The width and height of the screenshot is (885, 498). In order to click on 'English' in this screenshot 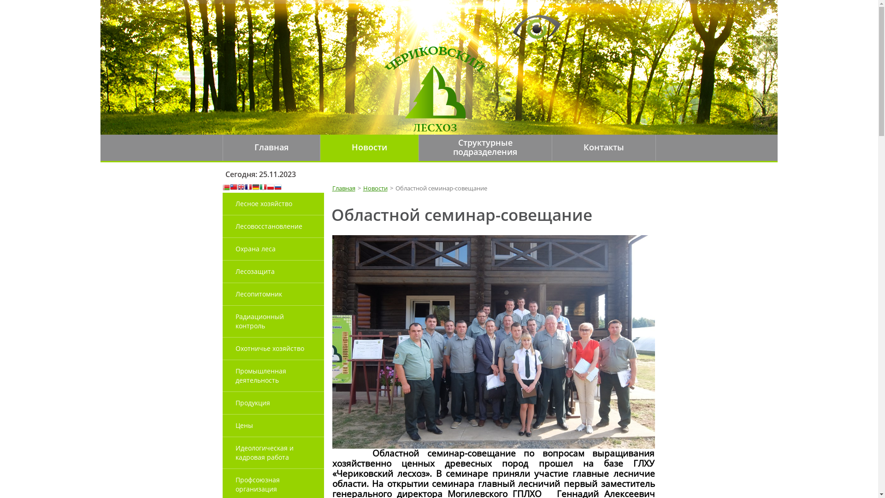, I will do `click(241, 187)`.